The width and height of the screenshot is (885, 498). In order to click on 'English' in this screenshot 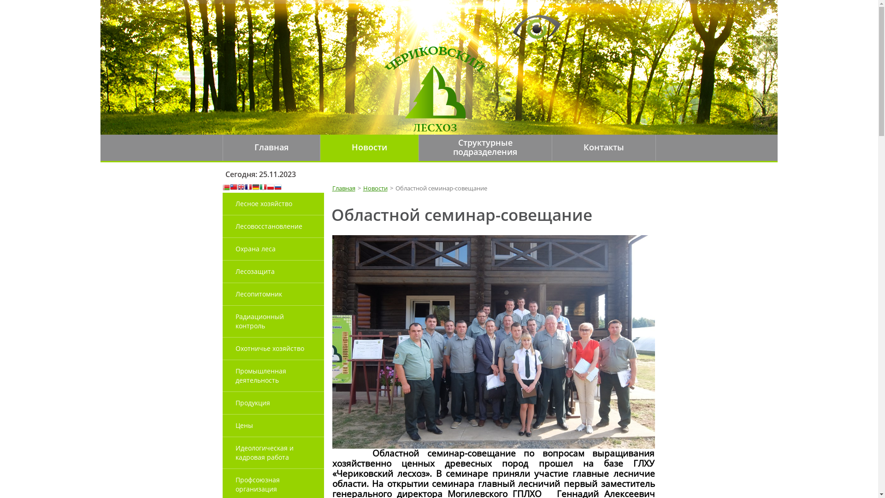, I will do `click(241, 187)`.